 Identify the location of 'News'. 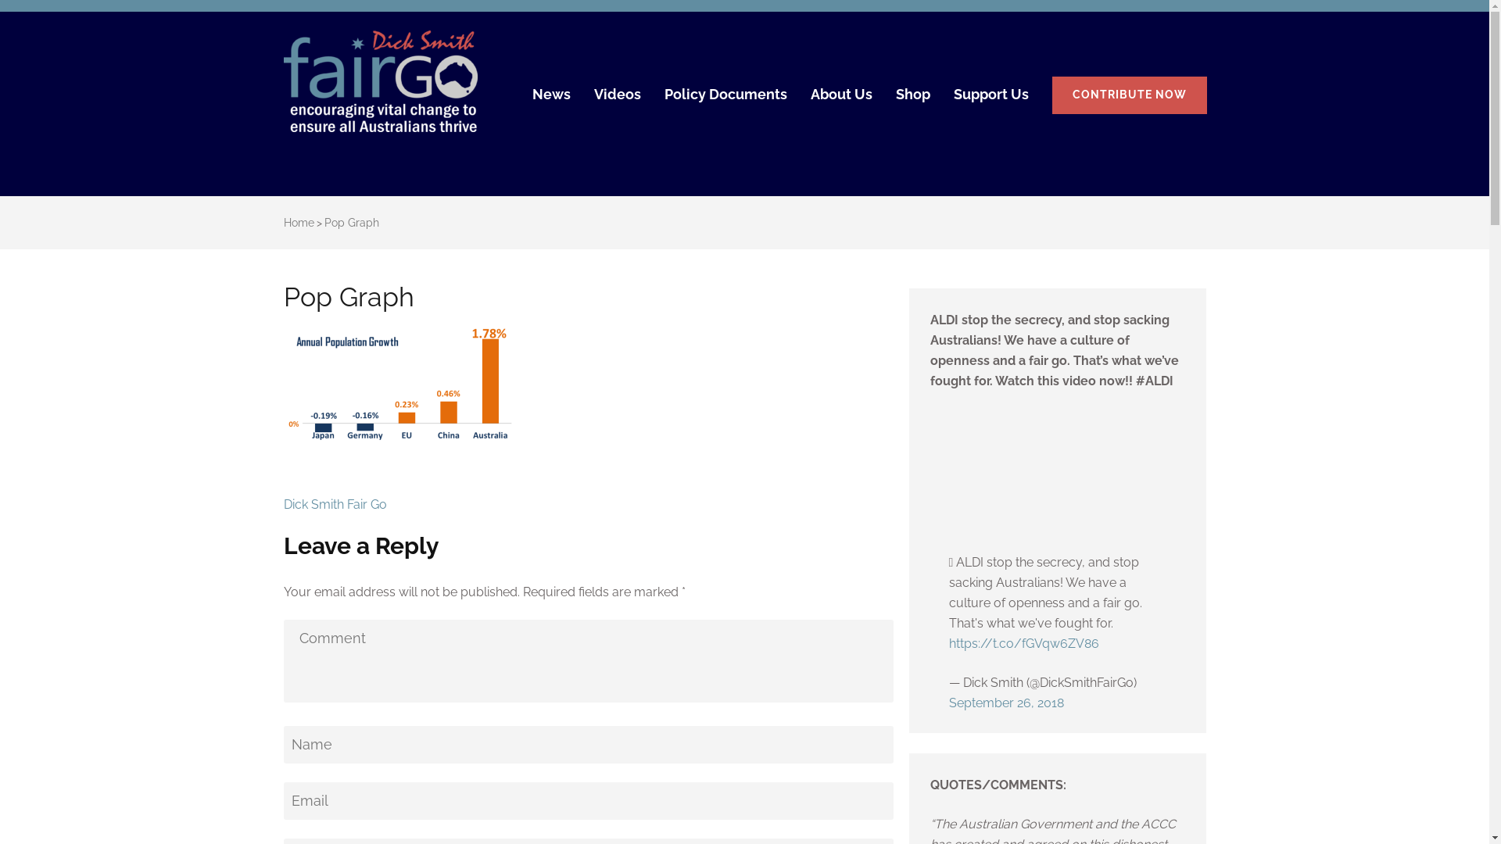
(550, 101).